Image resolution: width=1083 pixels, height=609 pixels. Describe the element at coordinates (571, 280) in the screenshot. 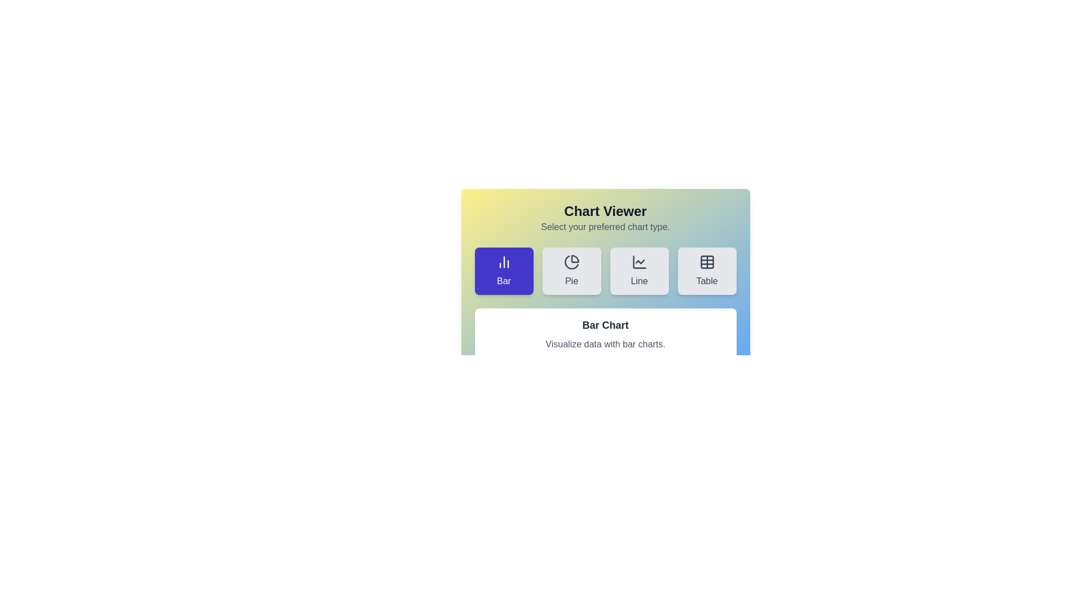

I see `the text label displaying the word 'Pie', which is center-aligned and positioned below a pie chart icon` at that location.